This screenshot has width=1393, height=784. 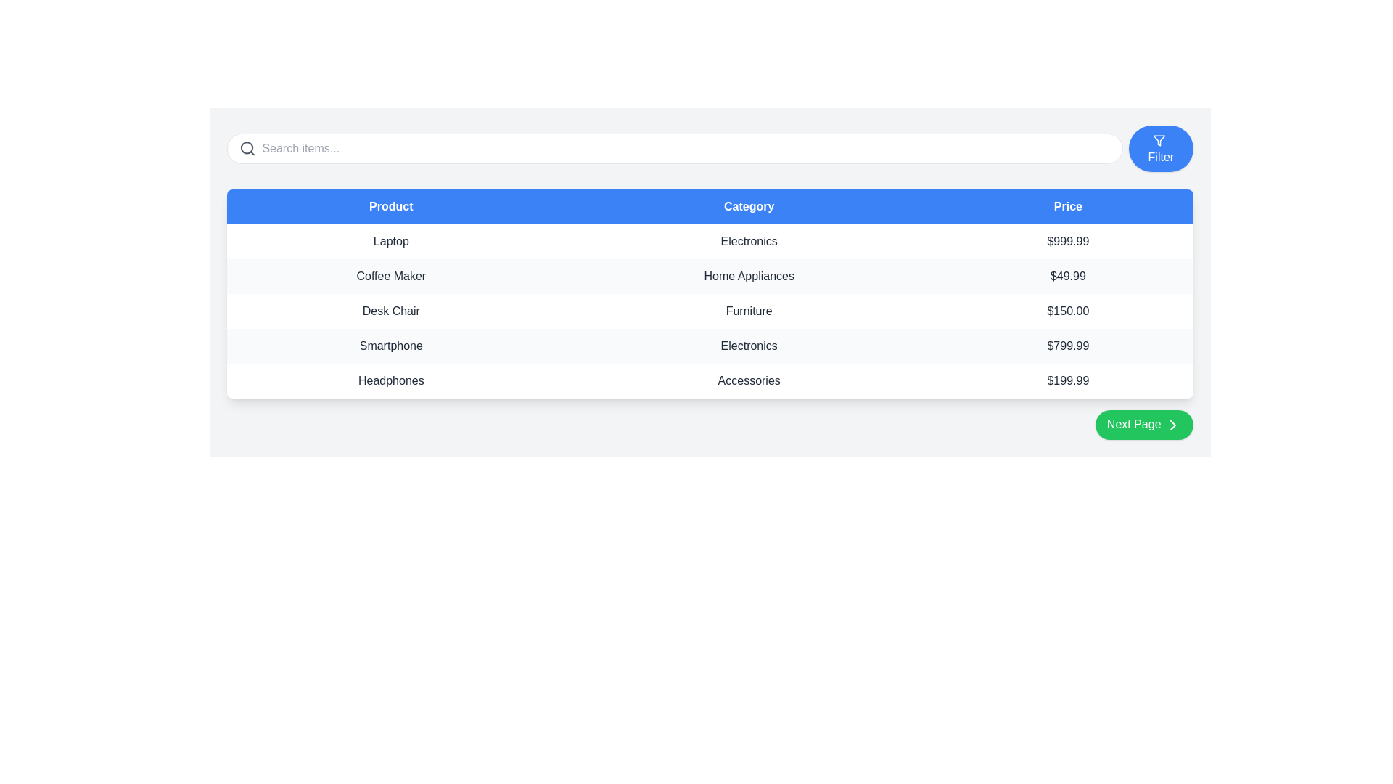 I want to click on the Text Label displaying the price '$49.99' in the Price column of the table for the product 'Coffee Maker', so click(x=1068, y=277).